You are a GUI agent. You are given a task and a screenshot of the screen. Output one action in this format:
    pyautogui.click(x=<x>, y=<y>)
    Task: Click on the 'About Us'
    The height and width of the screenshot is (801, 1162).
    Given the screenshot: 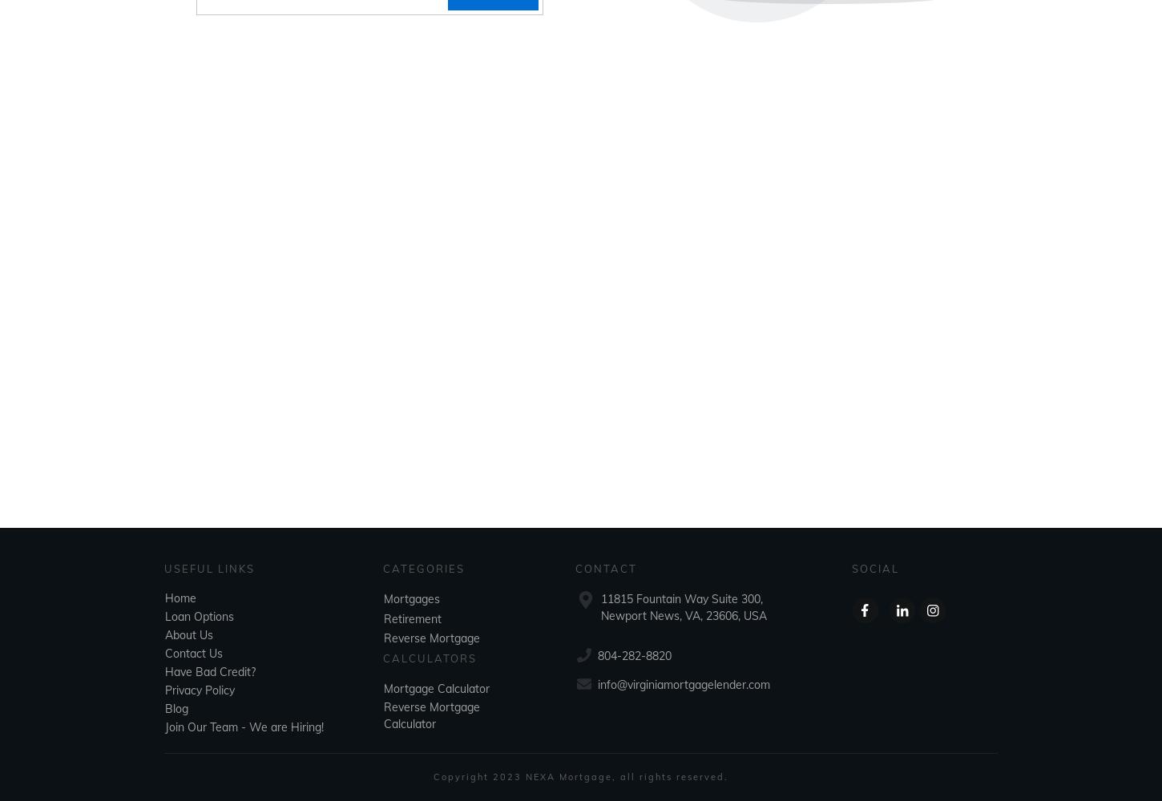 What is the action you would take?
    pyautogui.click(x=188, y=635)
    